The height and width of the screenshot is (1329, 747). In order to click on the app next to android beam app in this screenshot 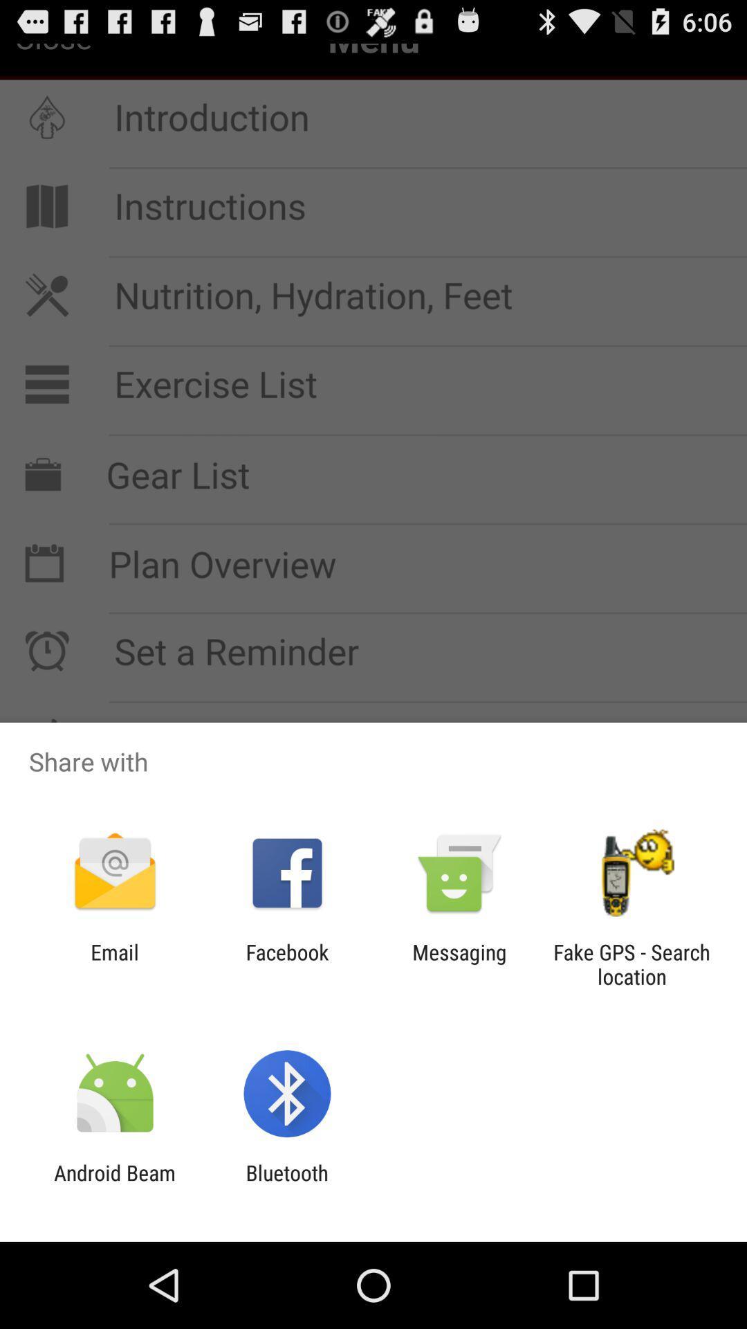, I will do `click(286, 1184)`.